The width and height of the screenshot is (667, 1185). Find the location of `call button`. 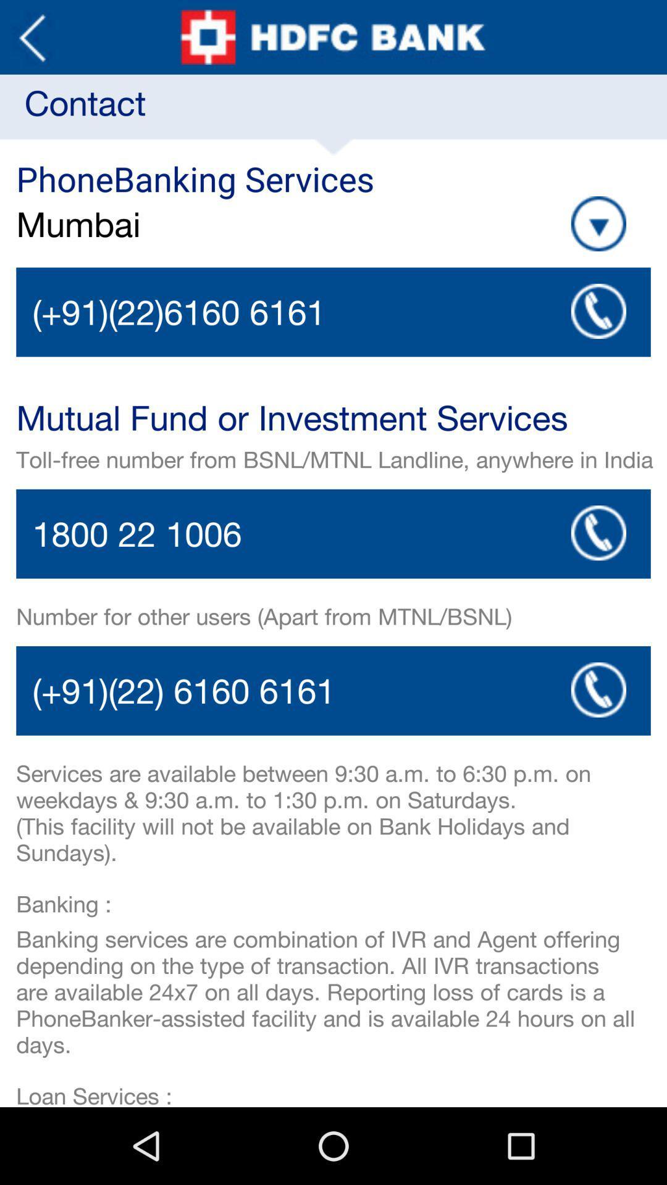

call button is located at coordinates (598, 533).